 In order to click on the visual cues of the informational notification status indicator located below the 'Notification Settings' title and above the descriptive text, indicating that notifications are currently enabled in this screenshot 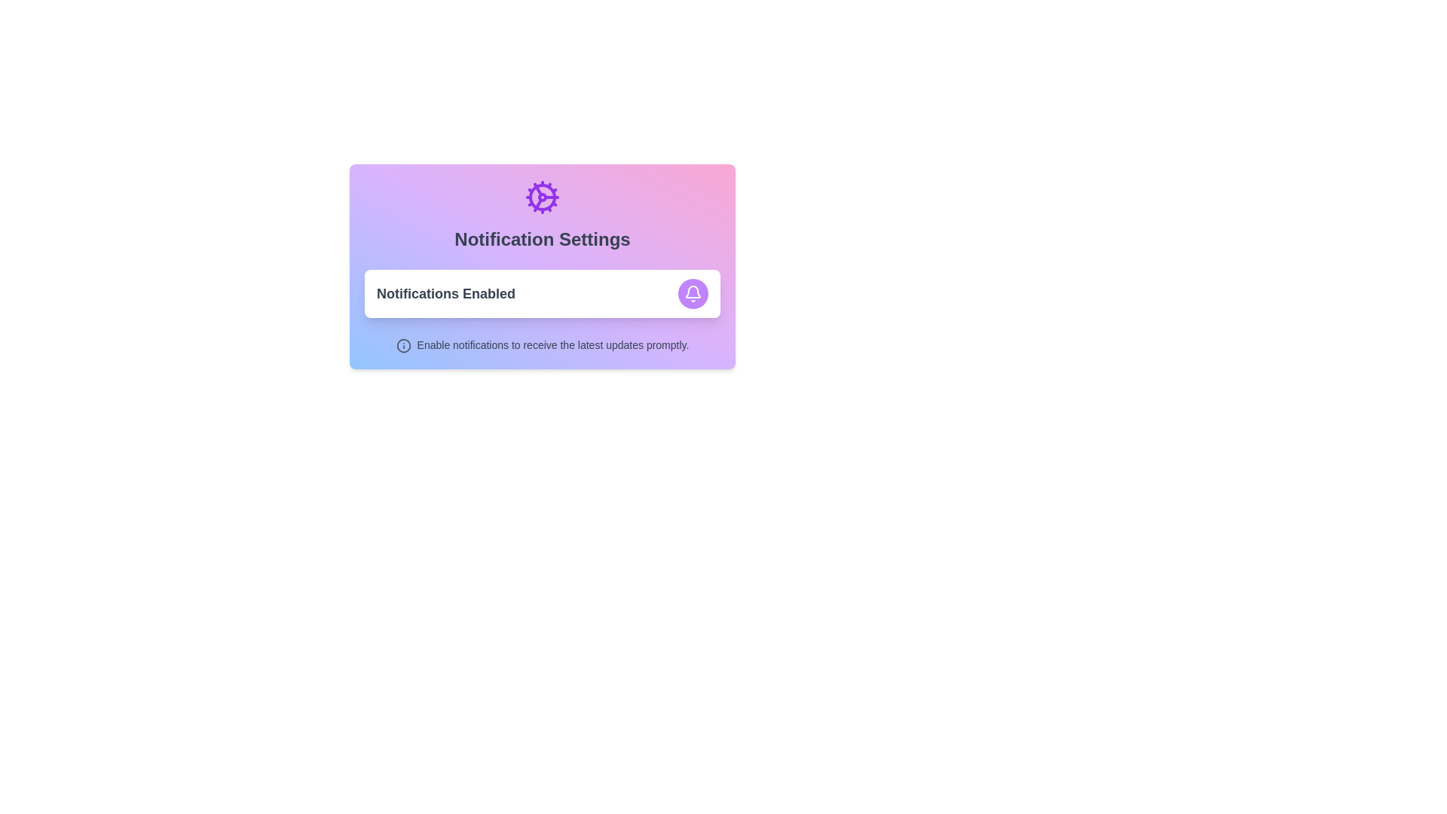, I will do `click(543, 293)`.